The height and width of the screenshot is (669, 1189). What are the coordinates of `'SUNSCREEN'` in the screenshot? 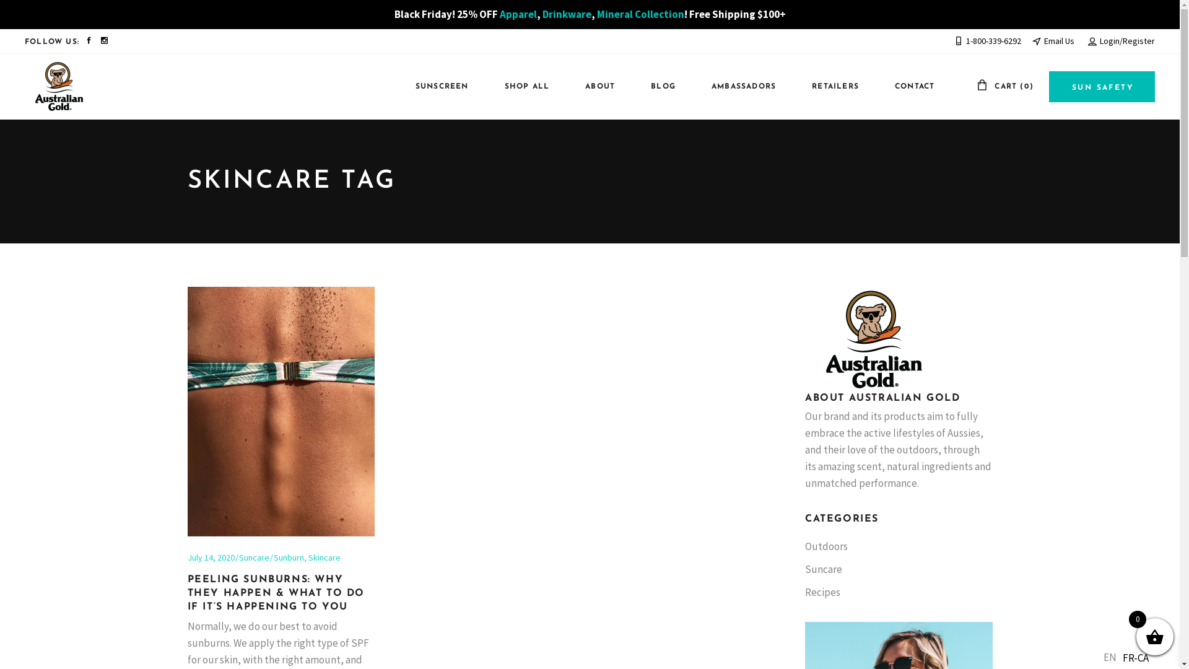 It's located at (436, 86).